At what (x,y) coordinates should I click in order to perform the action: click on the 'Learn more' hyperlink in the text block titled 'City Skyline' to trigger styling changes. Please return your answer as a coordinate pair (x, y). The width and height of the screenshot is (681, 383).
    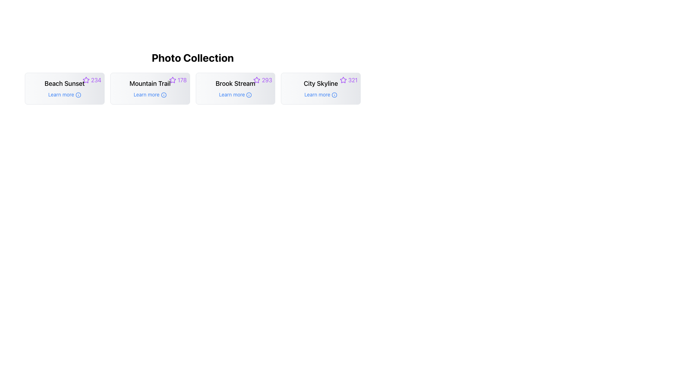
    Looking at the image, I should click on (320, 88).